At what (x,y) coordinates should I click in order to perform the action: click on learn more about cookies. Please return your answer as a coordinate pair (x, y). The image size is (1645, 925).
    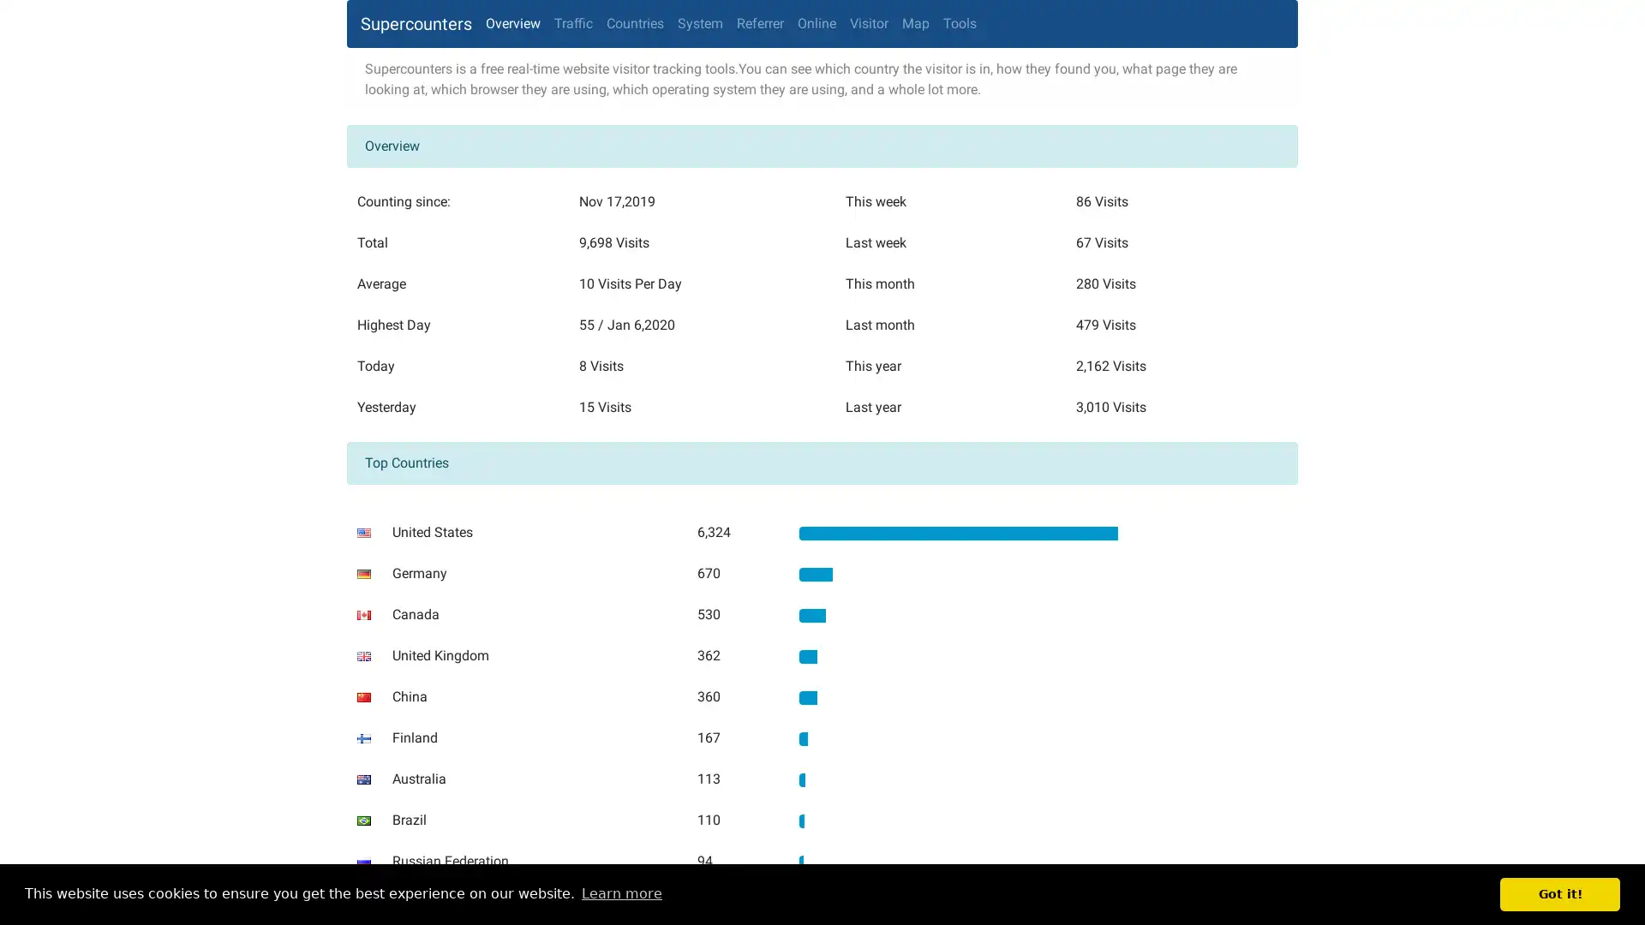
    Looking at the image, I should click on (620, 893).